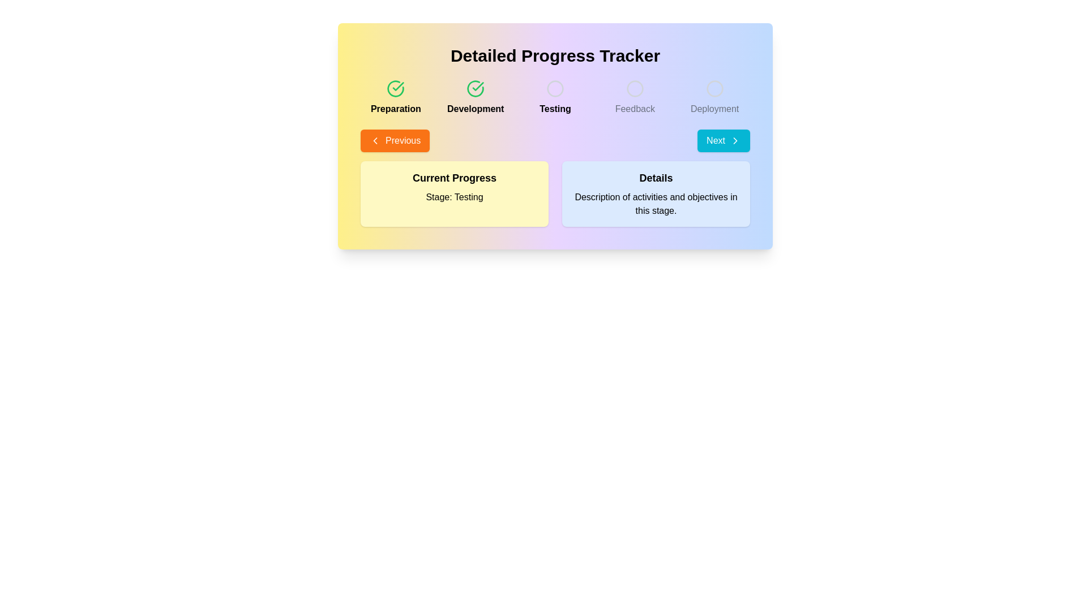  Describe the element at coordinates (476, 109) in the screenshot. I see `the 'Development' stage label in the progress tracker, which is located beneath a green check icon and is the second stage label in the sequence` at that location.